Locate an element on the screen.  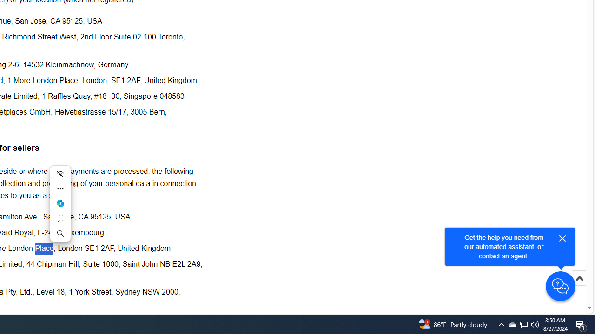
'Copy' is located at coordinates (59, 218).